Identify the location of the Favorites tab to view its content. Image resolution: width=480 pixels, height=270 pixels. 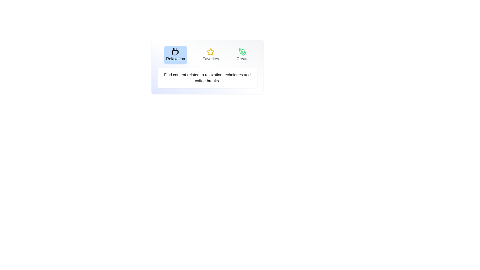
(211, 55).